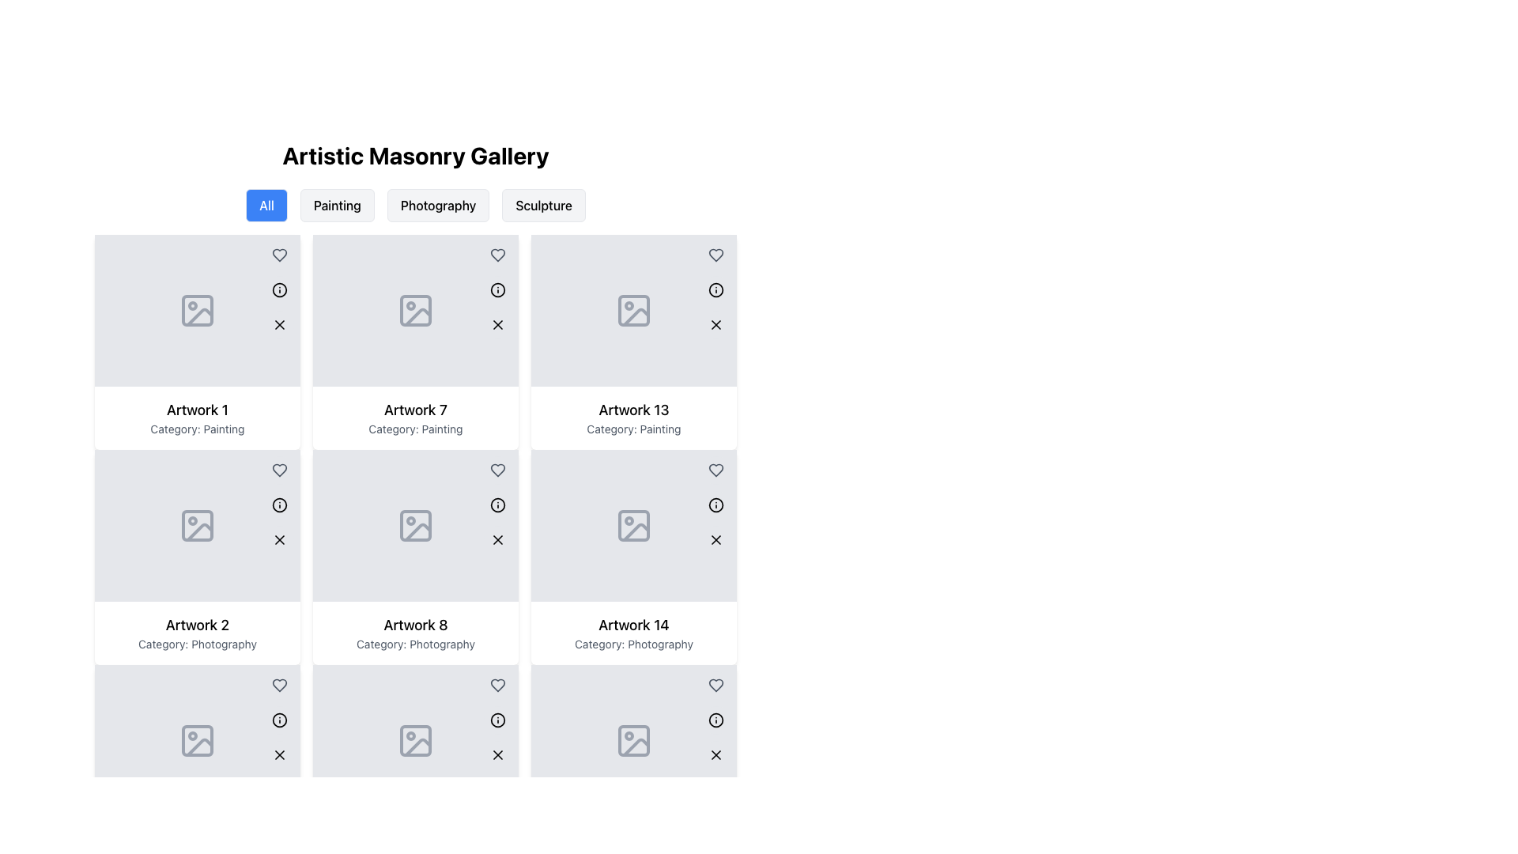  I want to click on the diagonal line graphic within the gray image placeholder icon on the card labeled 'Artwork 13' located in the third column and second row of the grid, so click(636, 317).